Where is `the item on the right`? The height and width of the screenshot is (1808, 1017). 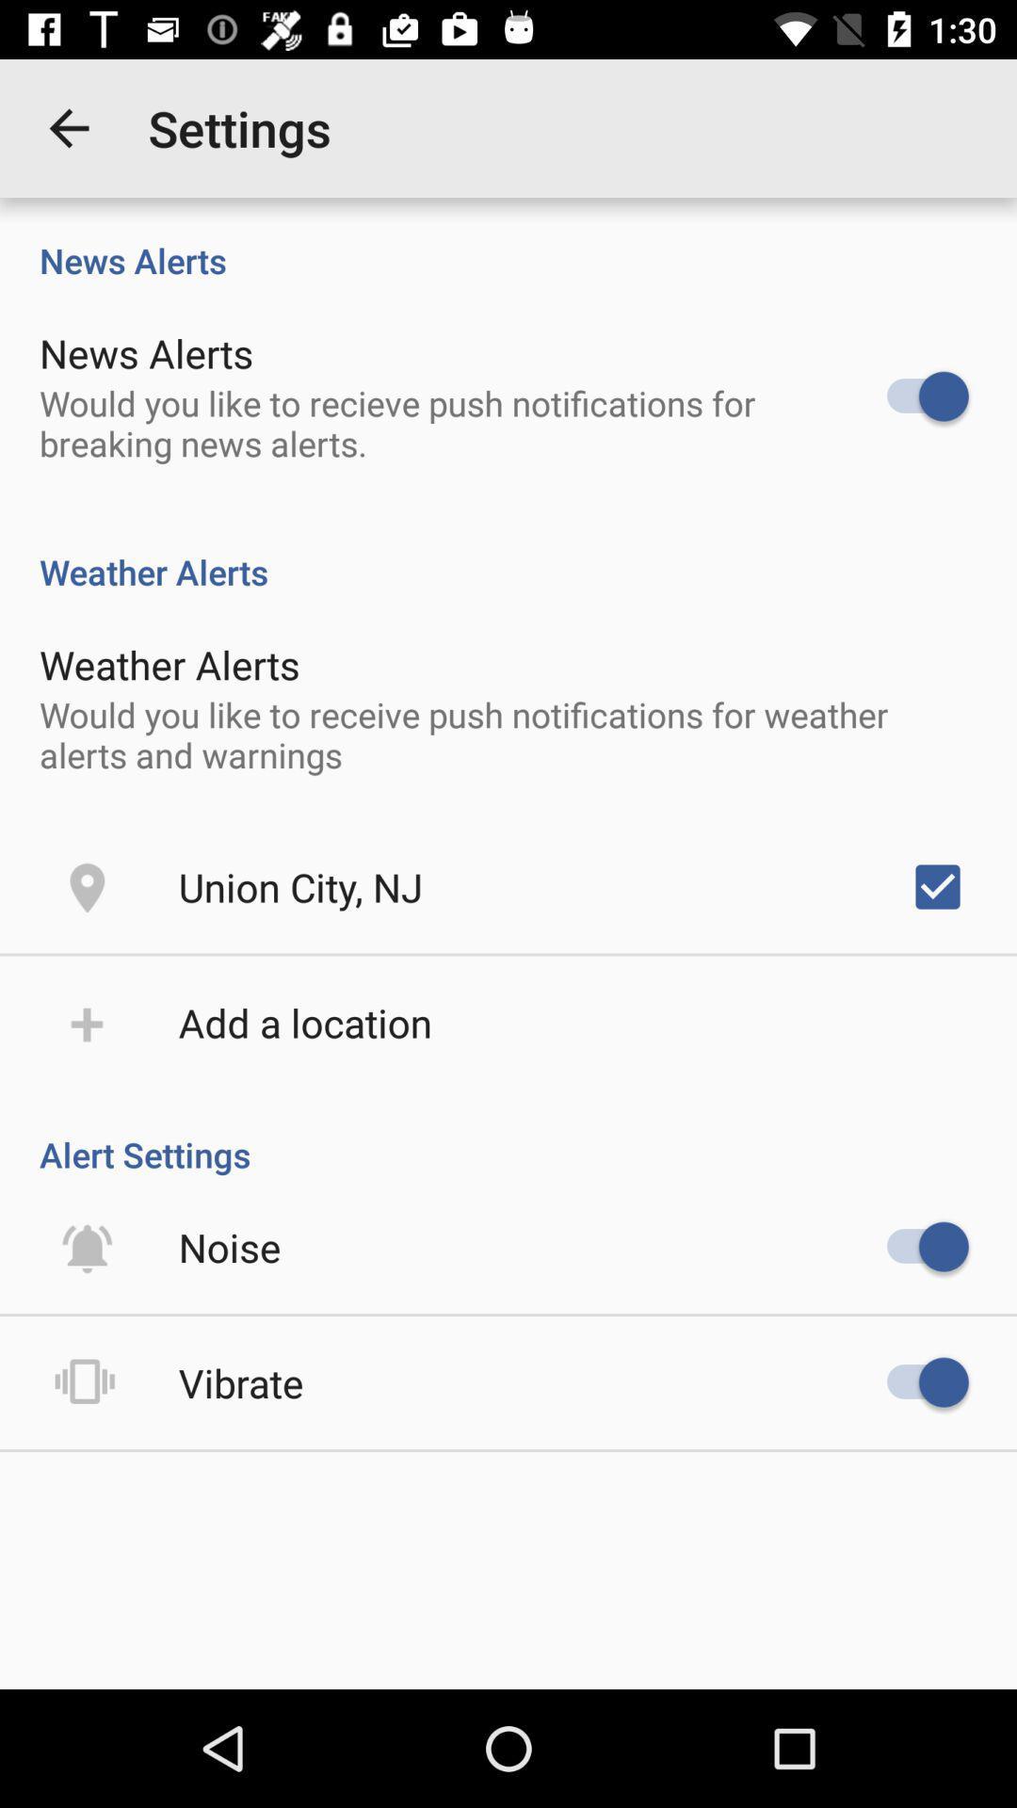
the item on the right is located at coordinates (937, 885).